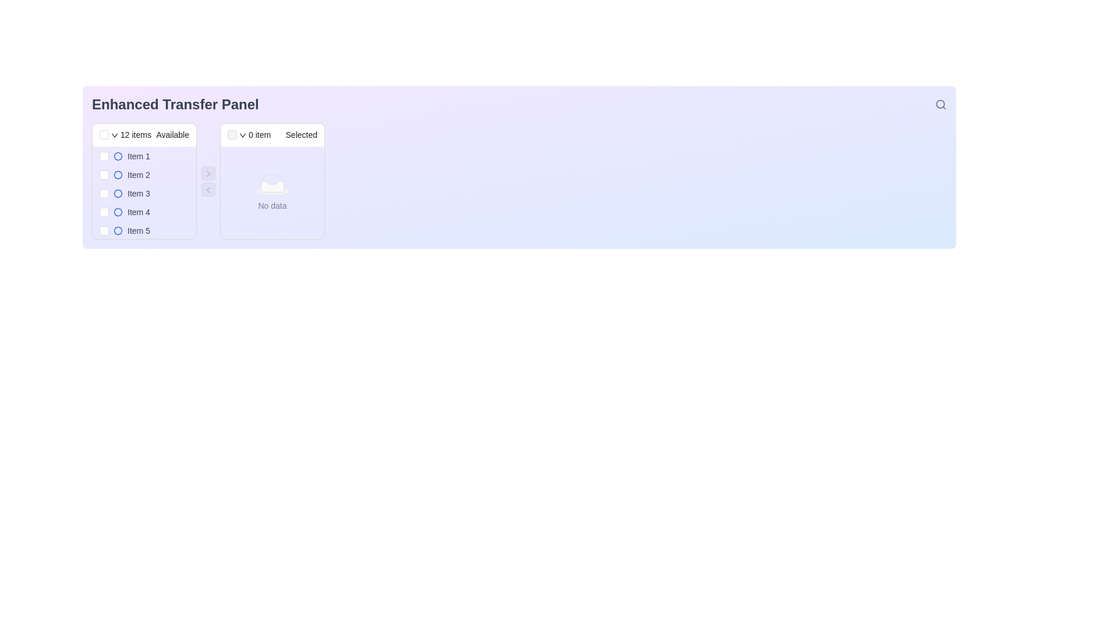 The image size is (1118, 628). I want to click on the fifth item, 'Item 5', so click(150, 231).